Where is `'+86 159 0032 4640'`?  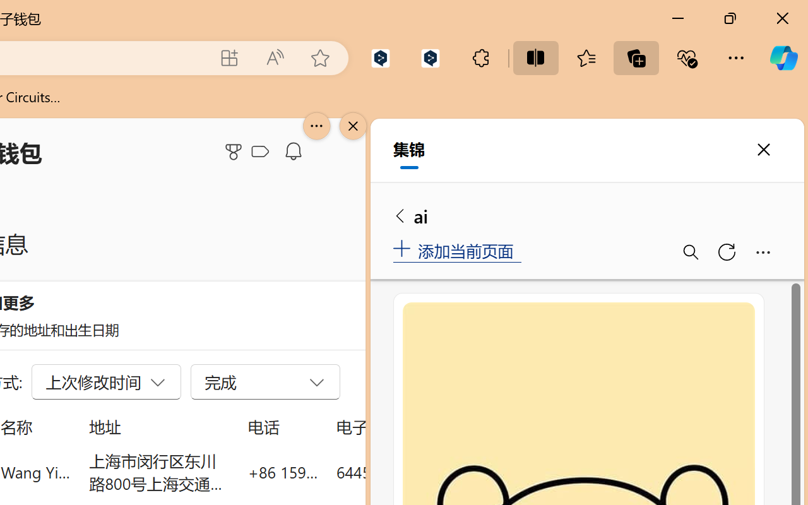
'+86 159 0032 4640' is located at coordinates (282, 472).